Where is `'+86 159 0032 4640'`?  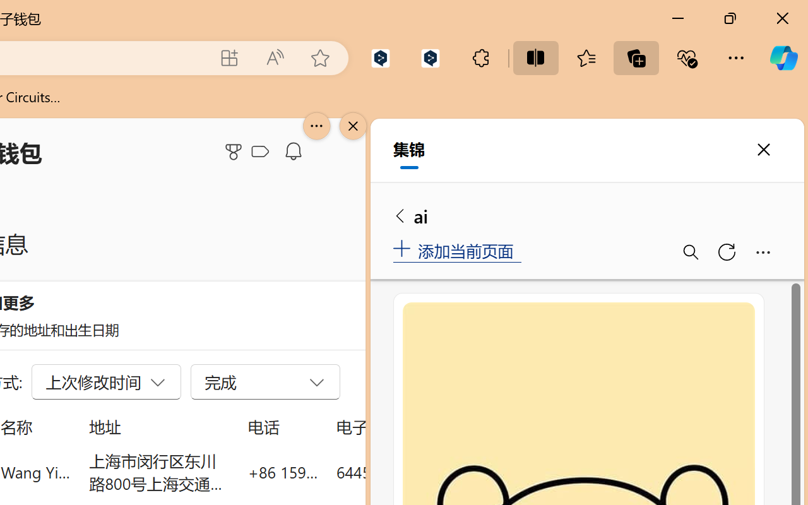
'+86 159 0032 4640' is located at coordinates (282, 472).